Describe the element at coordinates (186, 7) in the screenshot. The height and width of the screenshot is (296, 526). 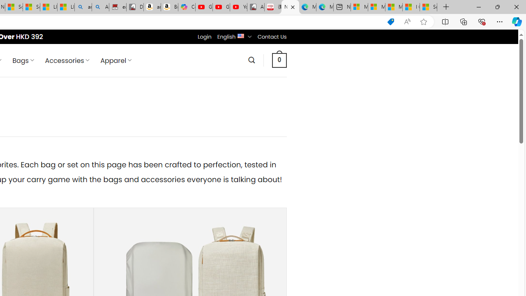
I see `'Copilot'` at that location.